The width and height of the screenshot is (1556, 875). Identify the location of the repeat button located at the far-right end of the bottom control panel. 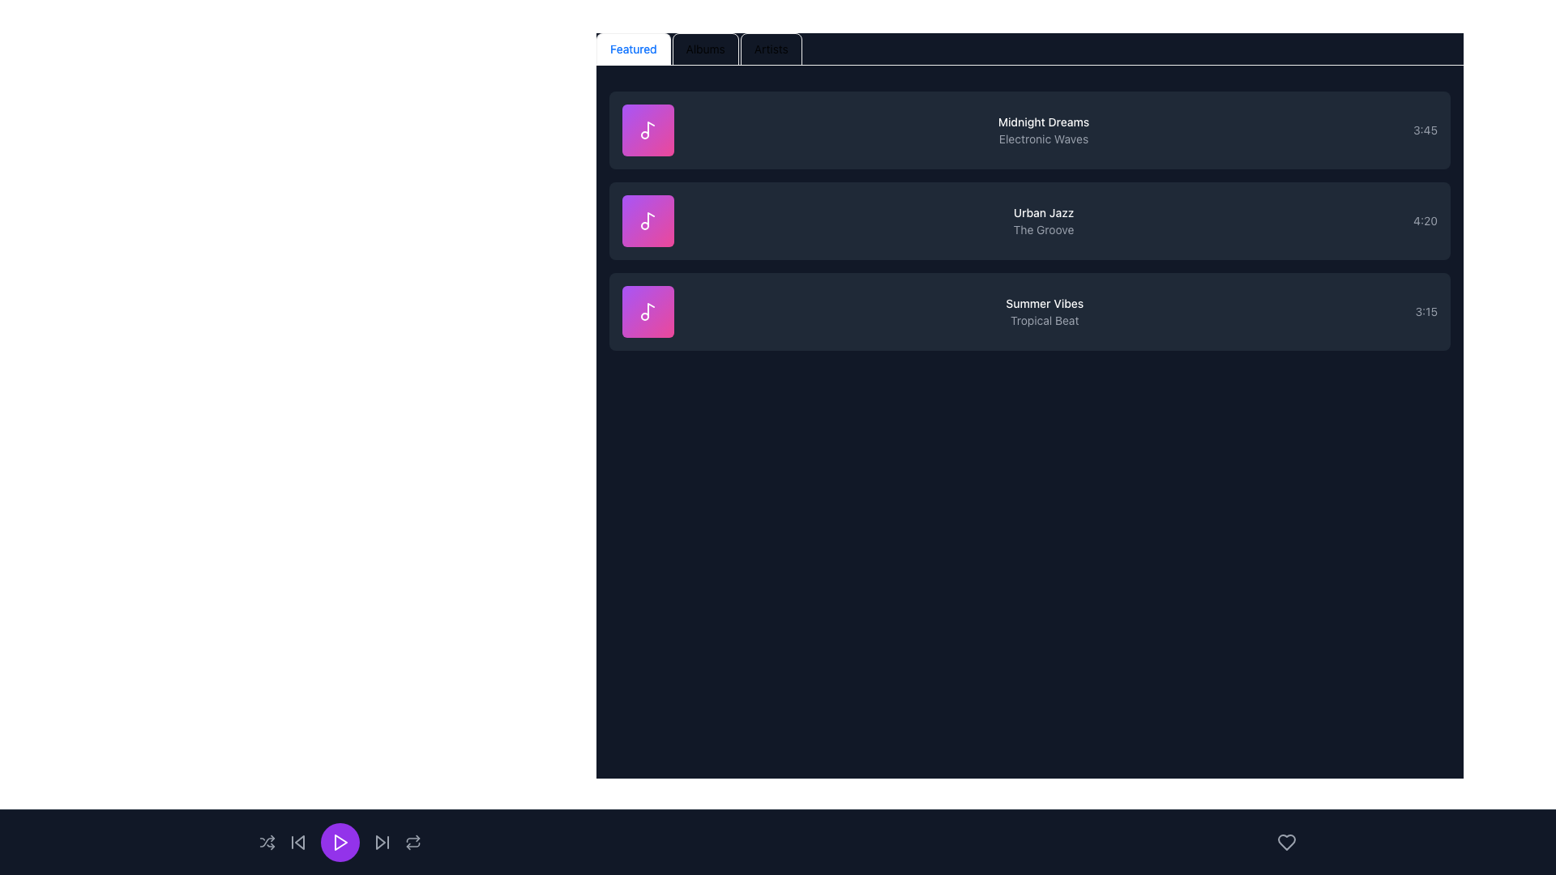
(413, 842).